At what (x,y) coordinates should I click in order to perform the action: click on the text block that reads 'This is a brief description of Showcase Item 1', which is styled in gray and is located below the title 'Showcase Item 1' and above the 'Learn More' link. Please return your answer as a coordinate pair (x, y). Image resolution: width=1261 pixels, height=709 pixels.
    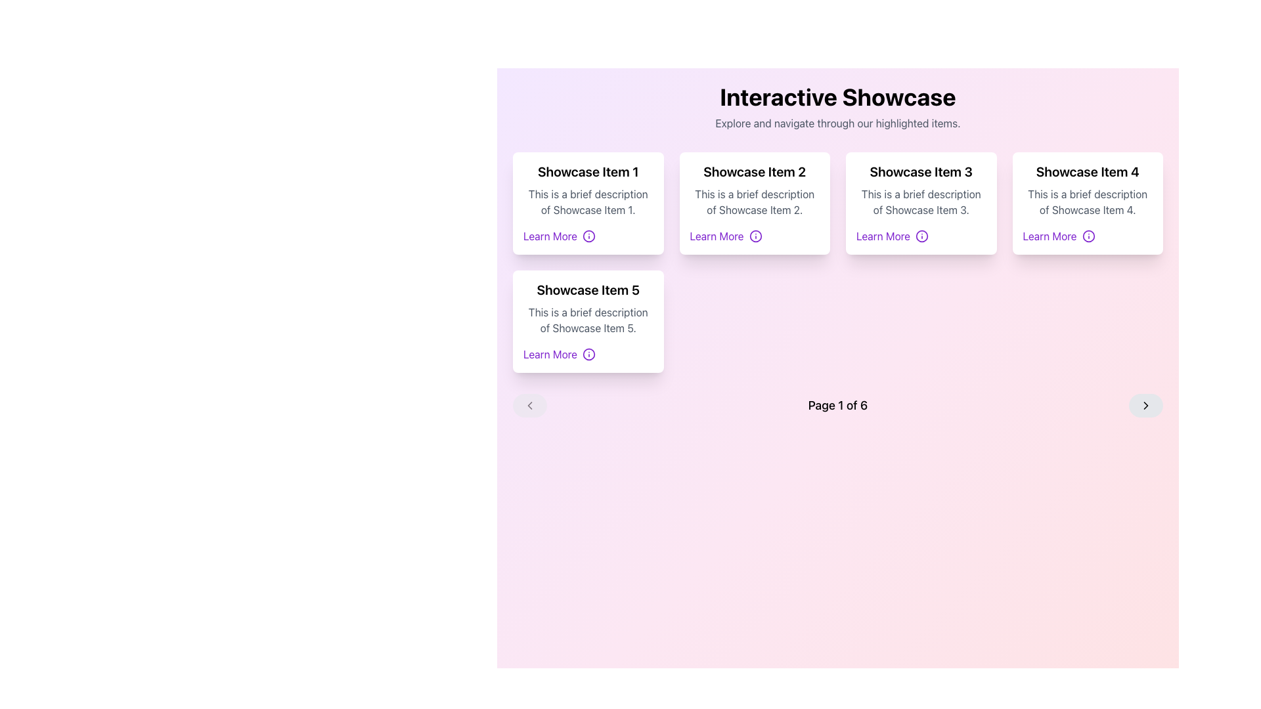
    Looking at the image, I should click on (587, 202).